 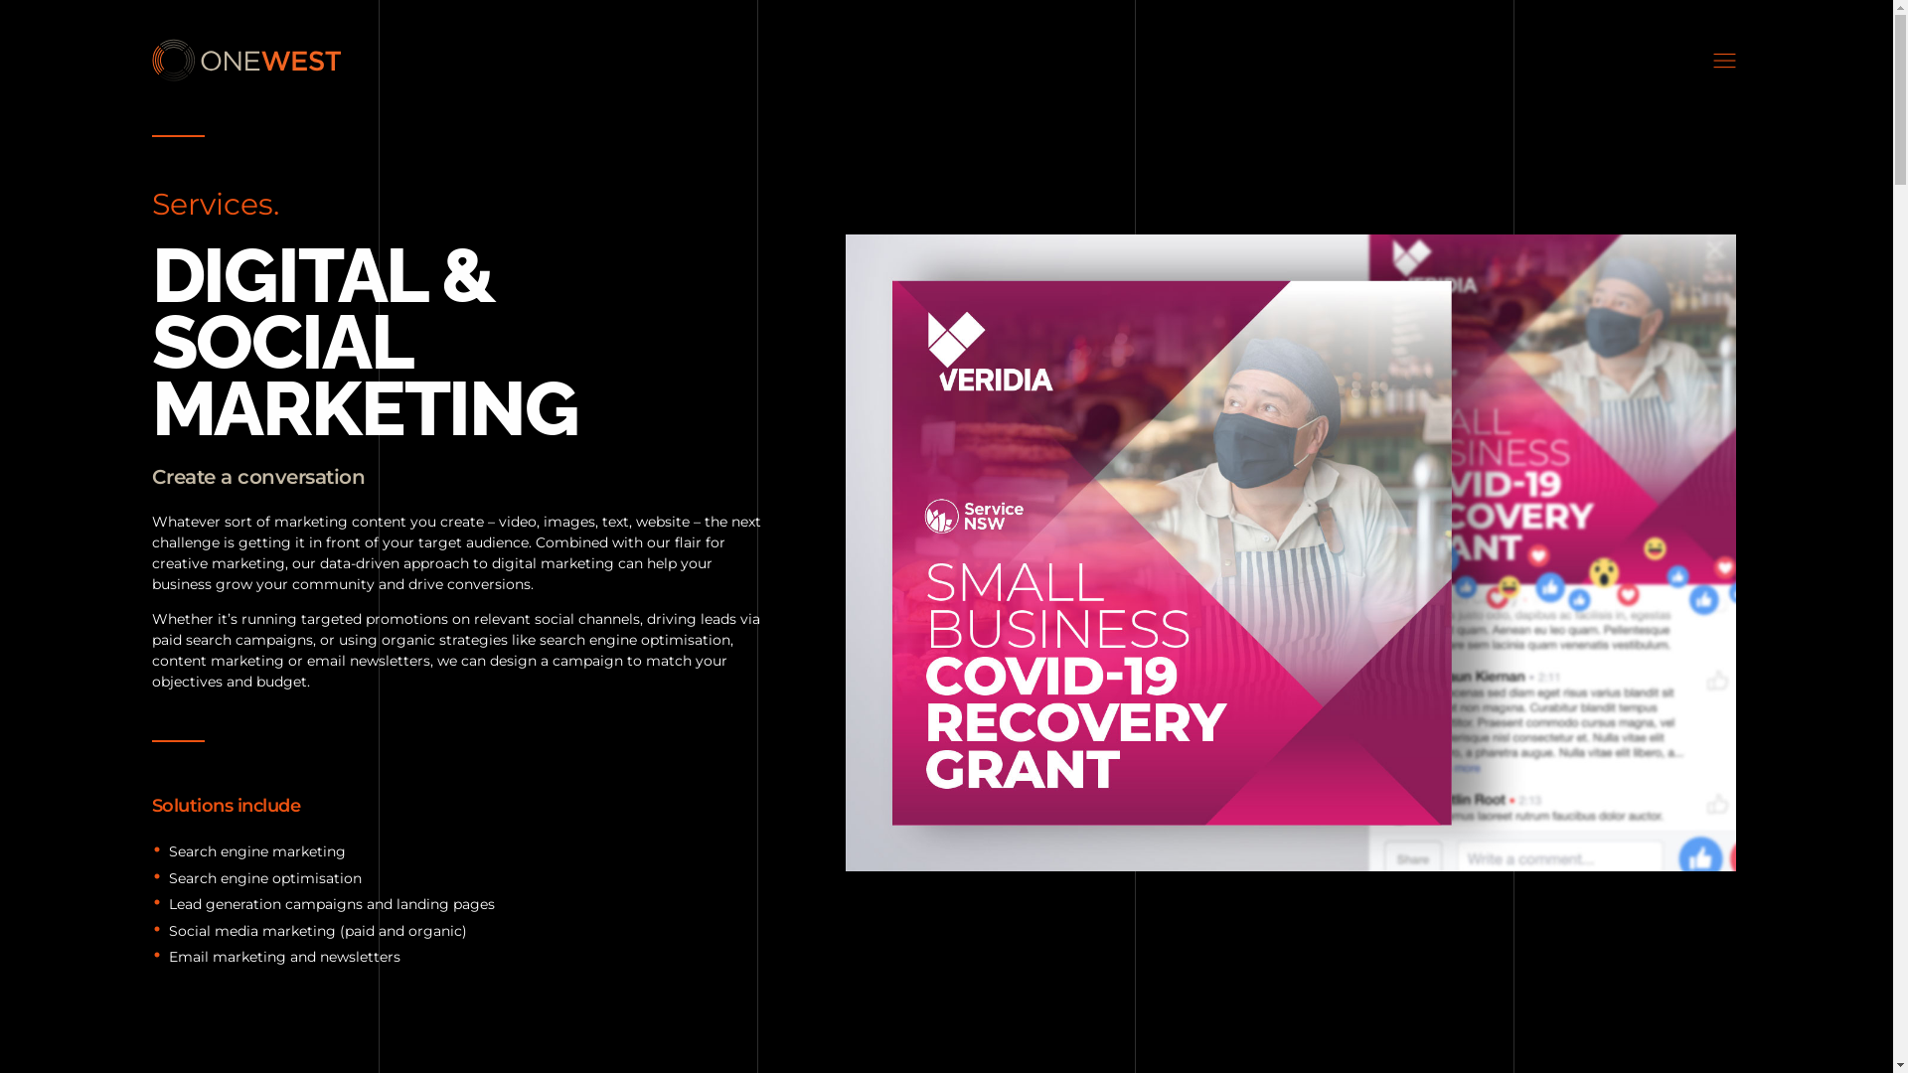 What do you see at coordinates (243, 59) in the screenshot?
I see `'OneWest Design & Media'` at bounding box center [243, 59].